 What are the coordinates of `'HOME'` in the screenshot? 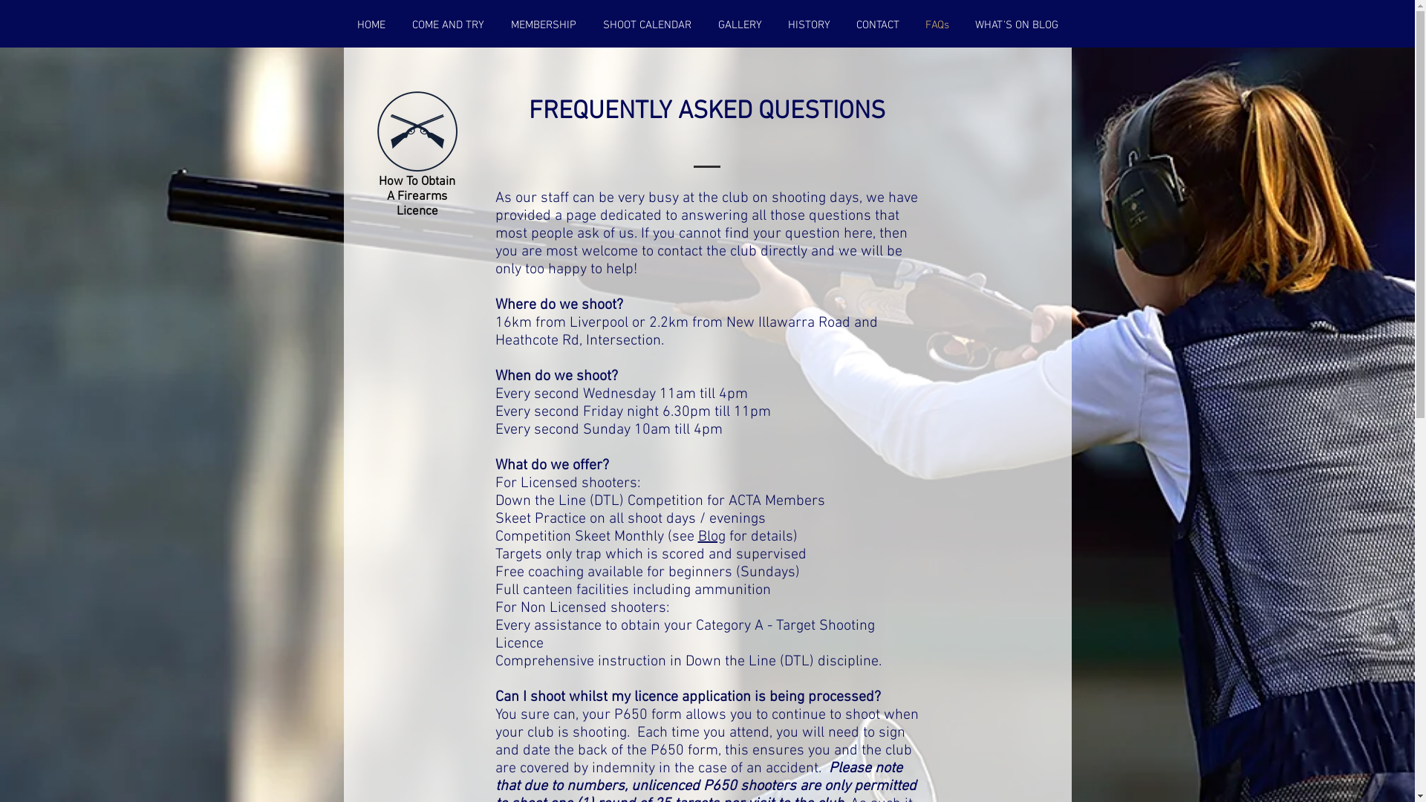 It's located at (371, 25).